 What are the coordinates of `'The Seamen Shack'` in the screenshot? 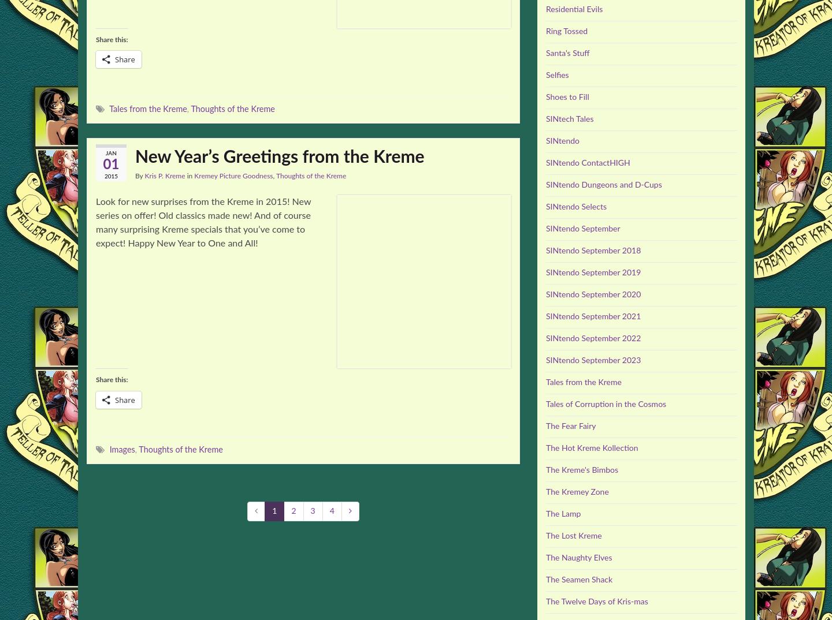 It's located at (545, 580).